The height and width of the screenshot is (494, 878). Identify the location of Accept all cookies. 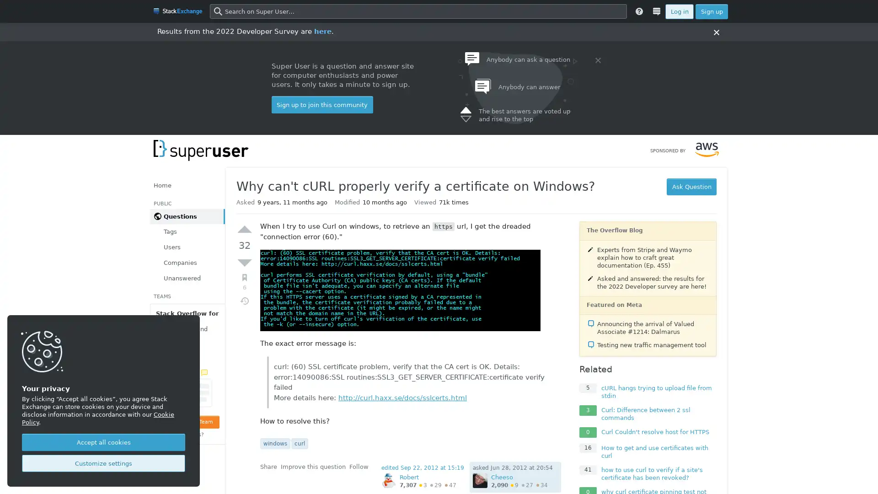
(103, 442).